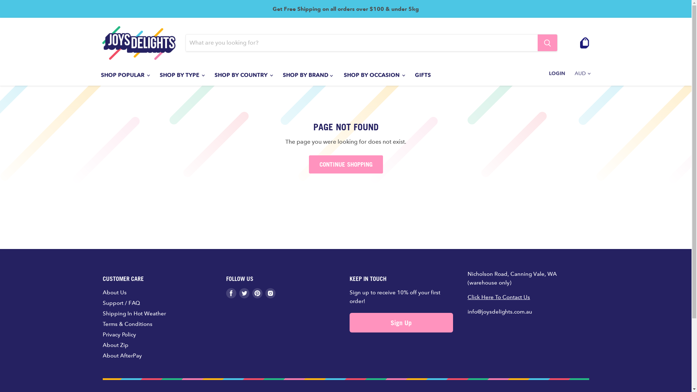  Describe the element at coordinates (270, 293) in the screenshot. I see `'Find us on Instagram'` at that location.